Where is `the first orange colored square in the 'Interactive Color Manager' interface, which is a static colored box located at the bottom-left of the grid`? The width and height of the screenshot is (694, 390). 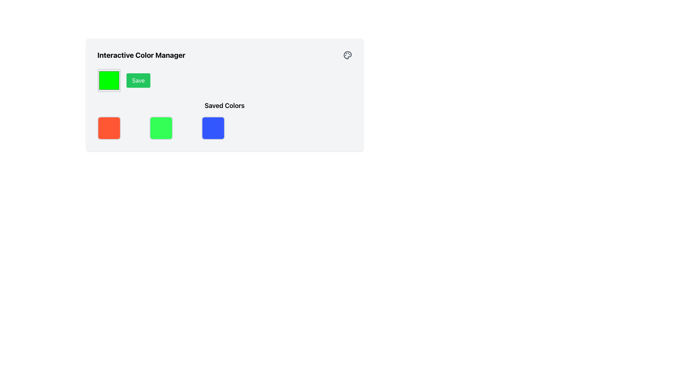
the first orange colored square in the 'Interactive Color Manager' interface, which is a static colored box located at the bottom-left of the grid is located at coordinates (108, 127).